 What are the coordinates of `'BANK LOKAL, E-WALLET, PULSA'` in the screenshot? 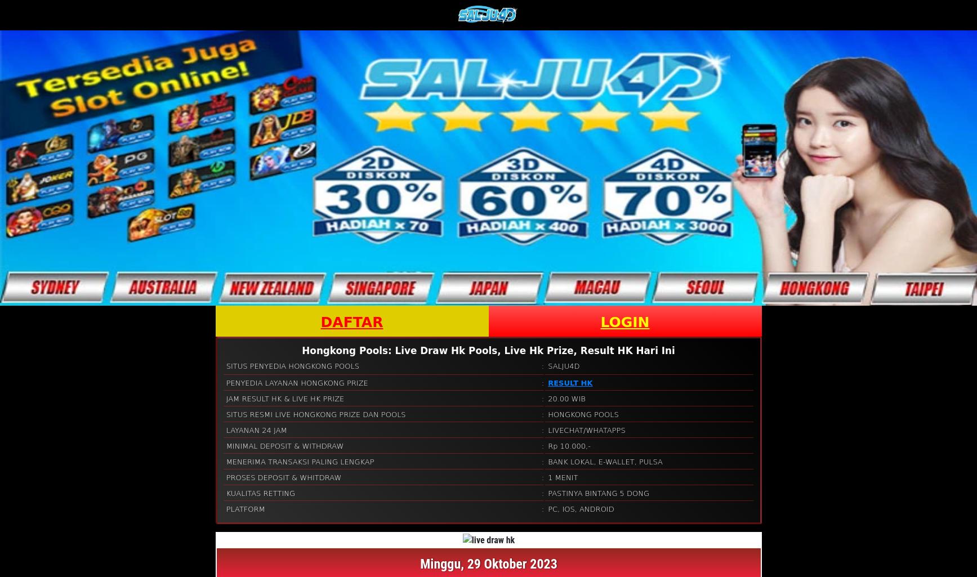 It's located at (605, 460).